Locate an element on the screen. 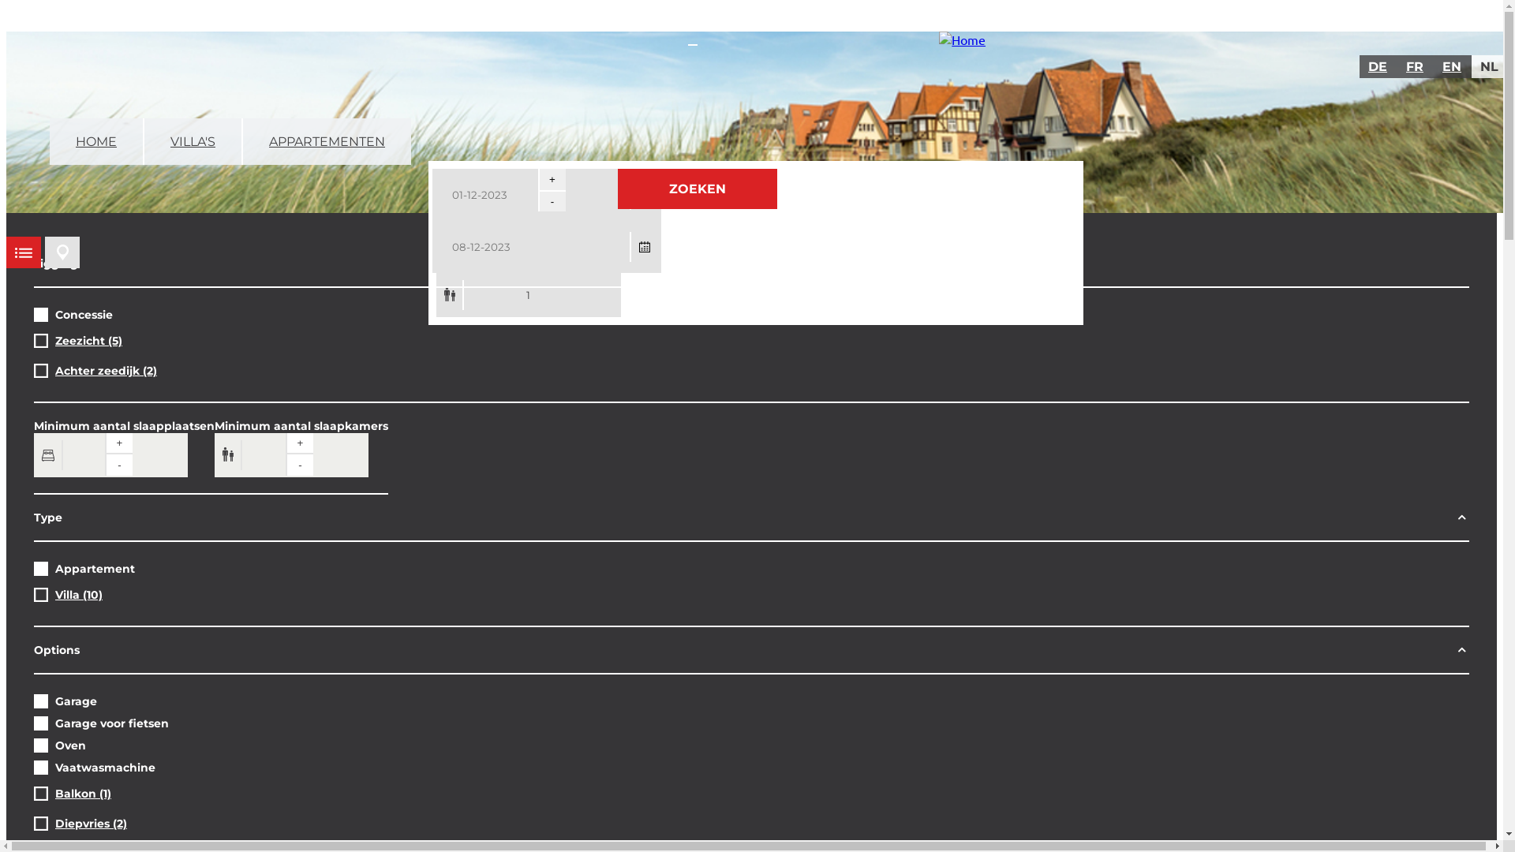  'Balkon (1) is located at coordinates (82, 794).